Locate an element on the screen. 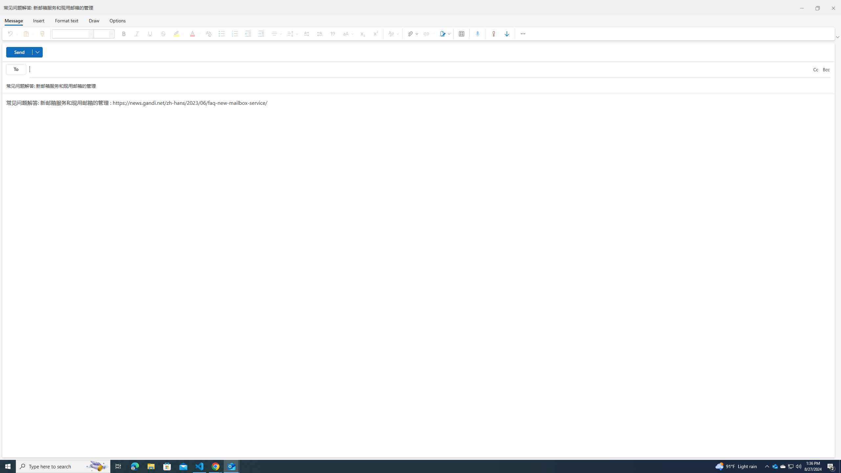  'Clear formatting' is located at coordinates (208, 34).